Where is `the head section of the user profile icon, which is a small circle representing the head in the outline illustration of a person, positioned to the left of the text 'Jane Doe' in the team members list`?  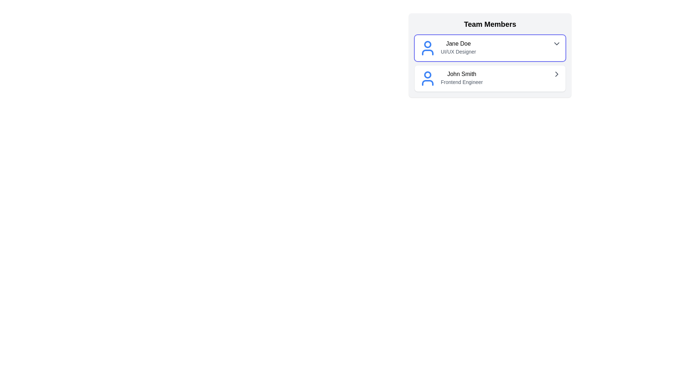
the head section of the user profile icon, which is a small circle representing the head in the outline illustration of a person, positioned to the left of the text 'Jane Doe' in the team members list is located at coordinates (428, 45).